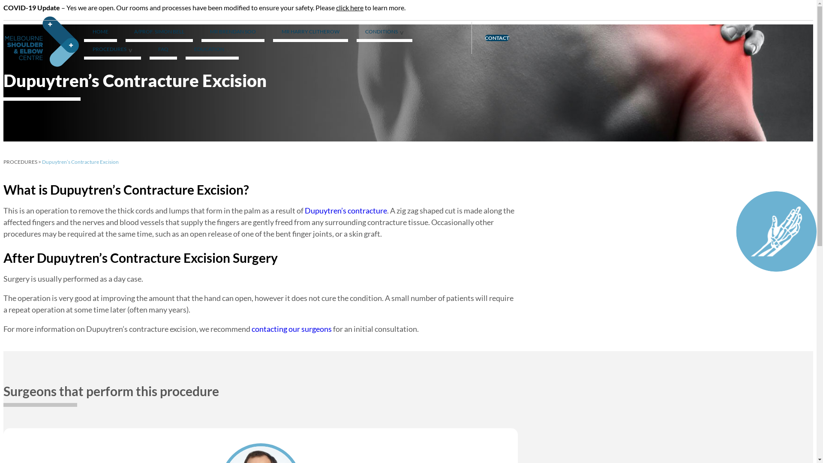 The height and width of the screenshot is (463, 823). Describe the element at coordinates (212, 51) in the screenshot. I see `'EDUCATION'` at that location.